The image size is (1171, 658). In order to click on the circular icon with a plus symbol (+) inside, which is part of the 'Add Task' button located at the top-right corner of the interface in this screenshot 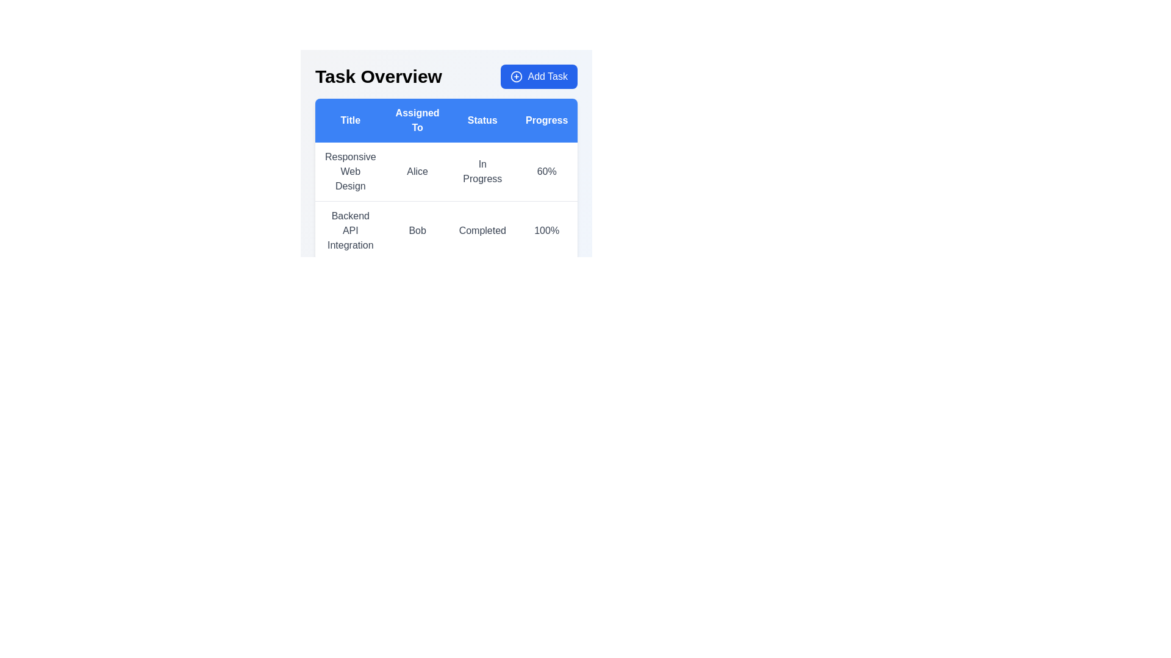, I will do `click(517, 77)`.